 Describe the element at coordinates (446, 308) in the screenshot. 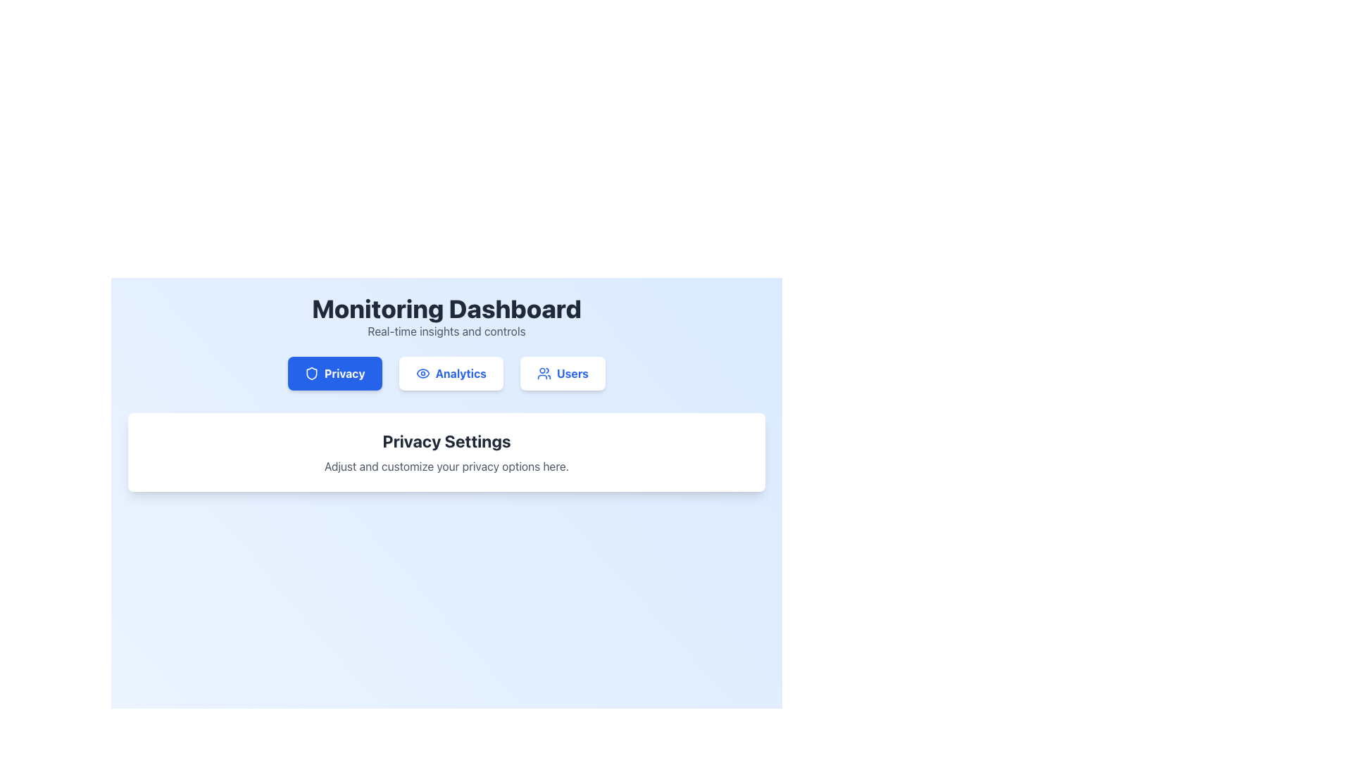

I see `the prominent headline text block displaying 'Monitoring Dashboard' to select it` at that location.